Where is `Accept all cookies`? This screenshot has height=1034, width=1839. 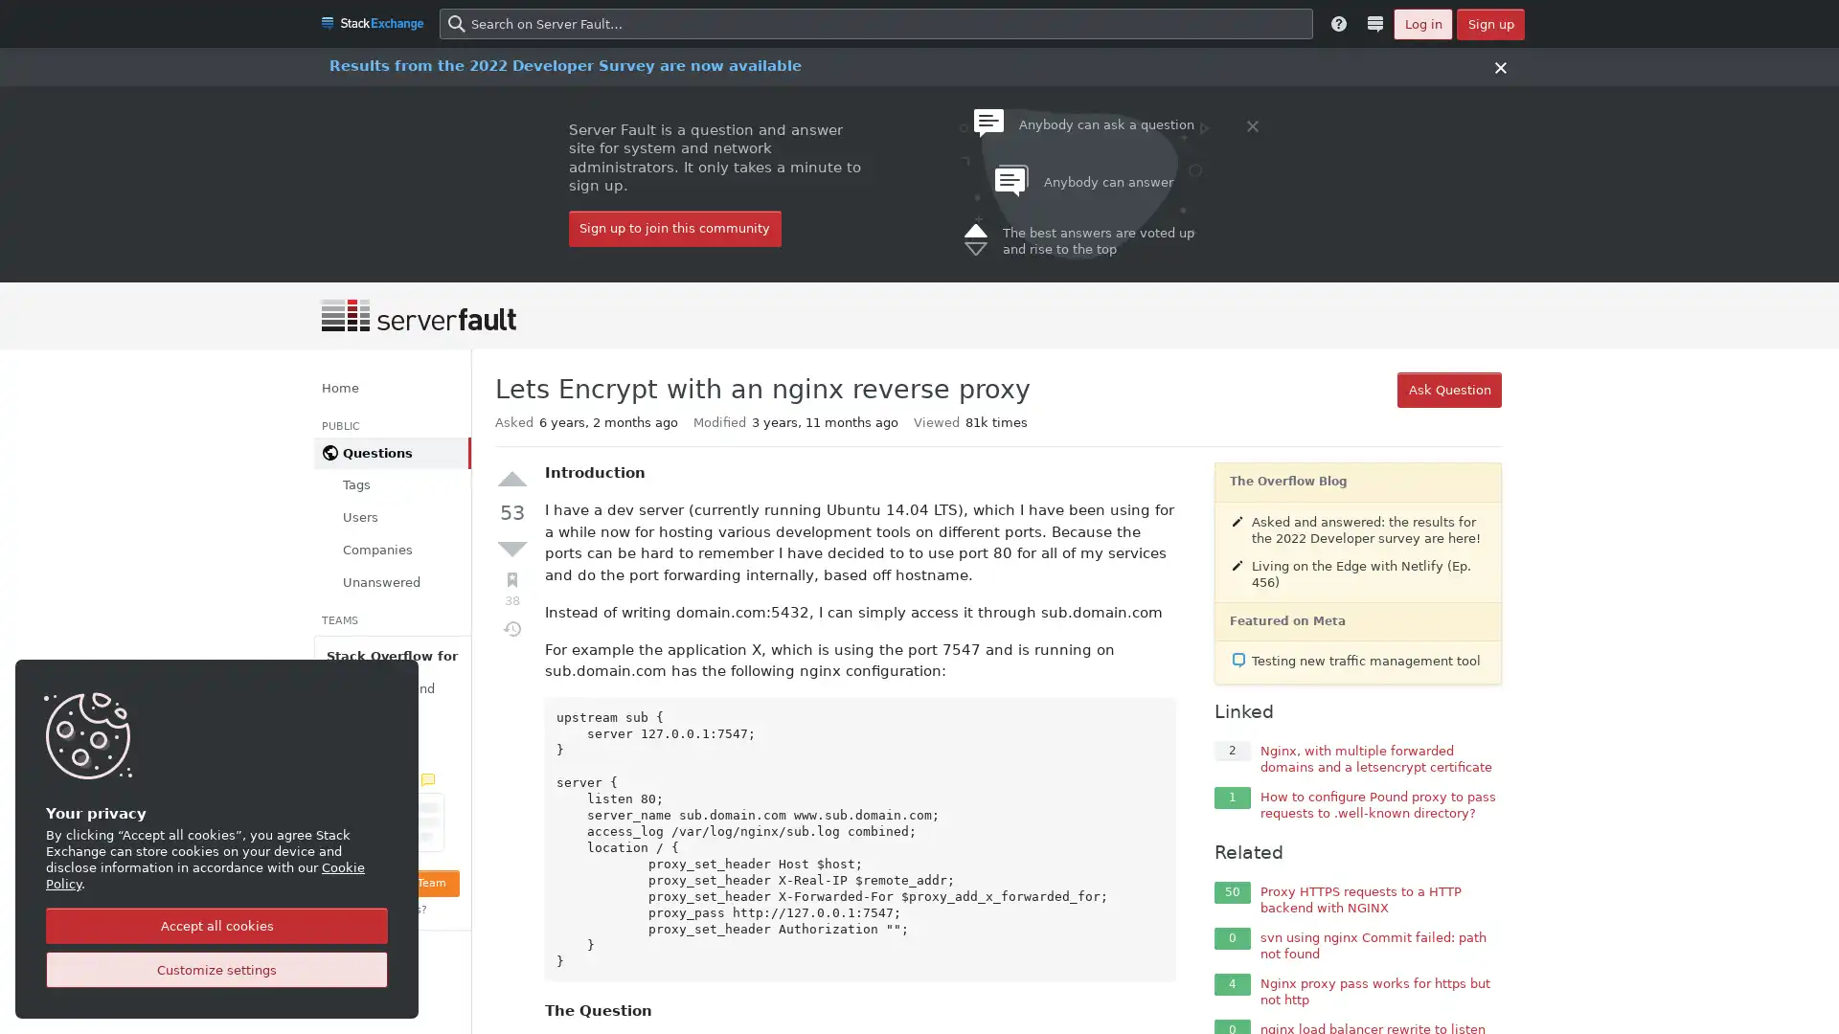 Accept all cookies is located at coordinates (216, 925).